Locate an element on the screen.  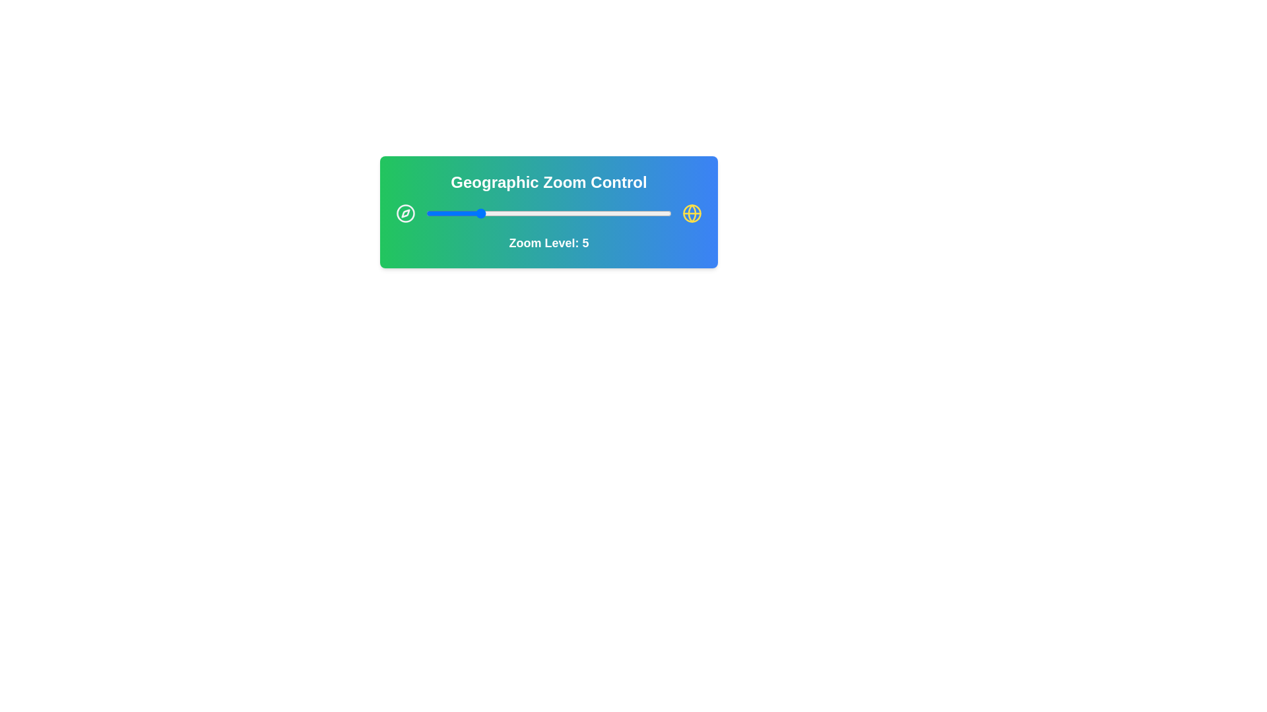
the zoom level to 9 by interacting with the slider is located at coordinates (529, 213).